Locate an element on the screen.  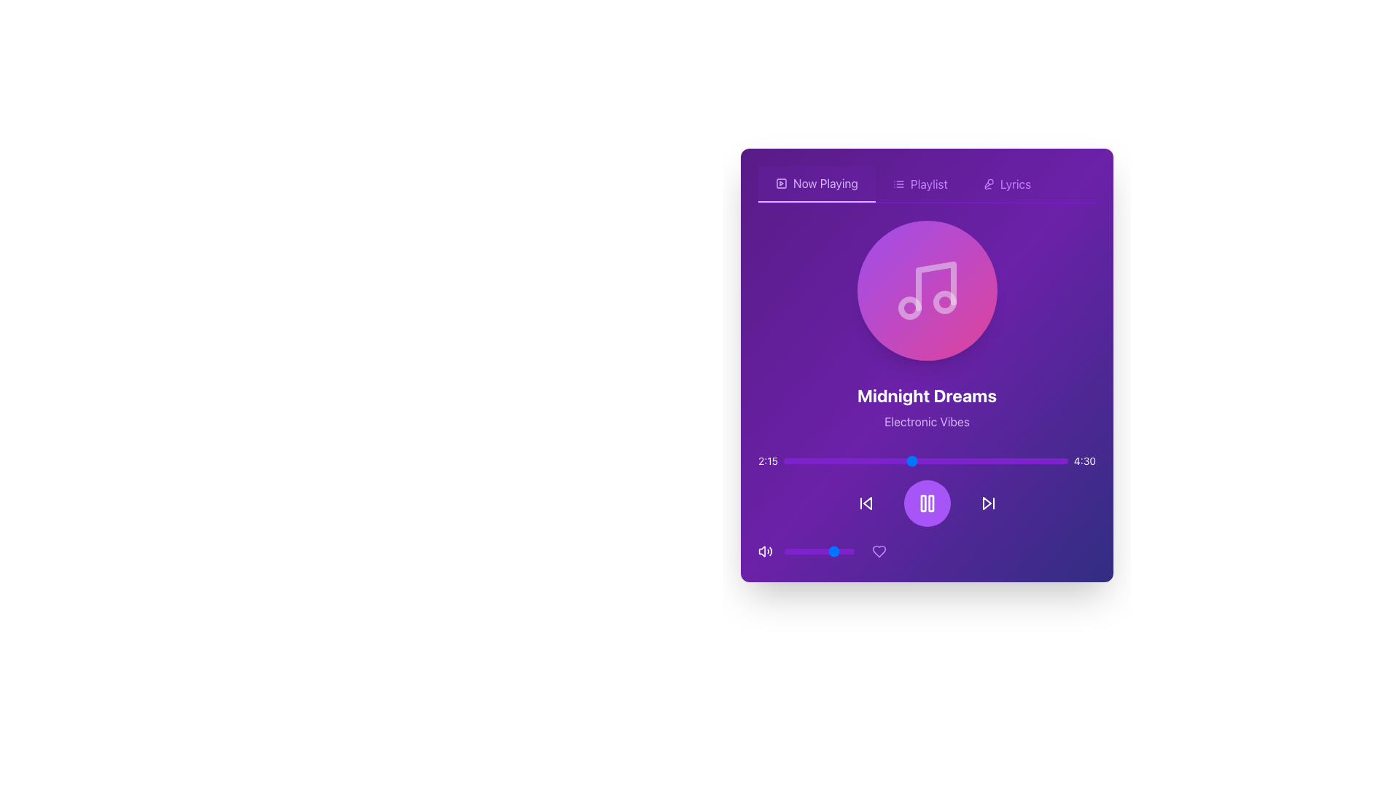
the circular graphic icon featuring a gradient from purple to pink with a white music note at its center, located below the 'Now Playing' navigation link in the music player interface is located at coordinates (926, 290).